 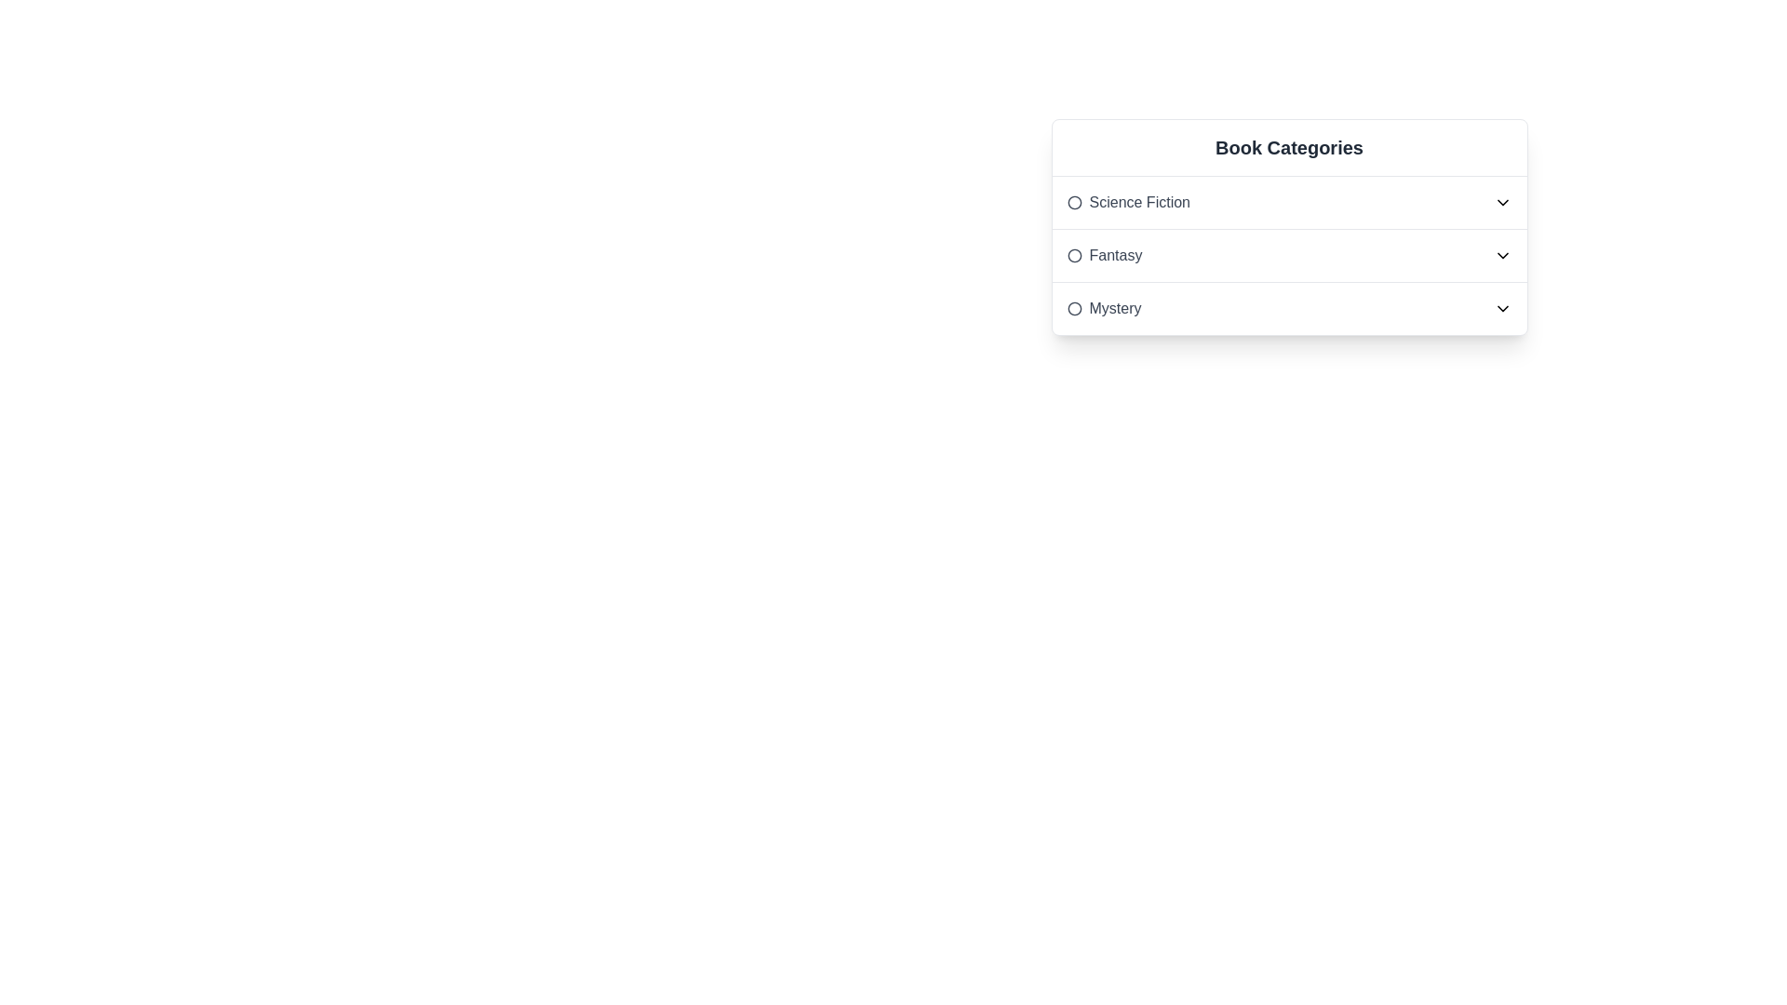 What do you see at coordinates (1074, 255) in the screenshot?
I see `the radio button next to the 'Fantasy' option in the 'Book Categories' dropdown list` at bounding box center [1074, 255].